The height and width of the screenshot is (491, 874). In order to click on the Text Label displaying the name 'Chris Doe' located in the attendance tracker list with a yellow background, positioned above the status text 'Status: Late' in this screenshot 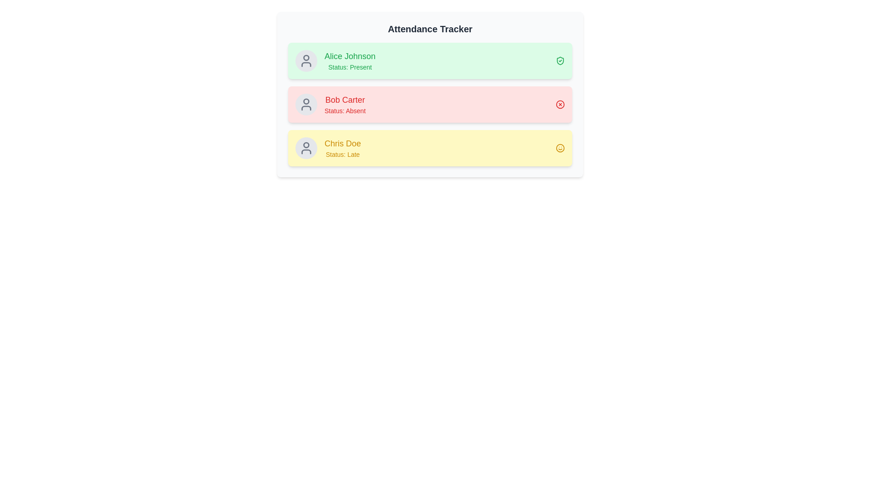, I will do `click(342, 143)`.